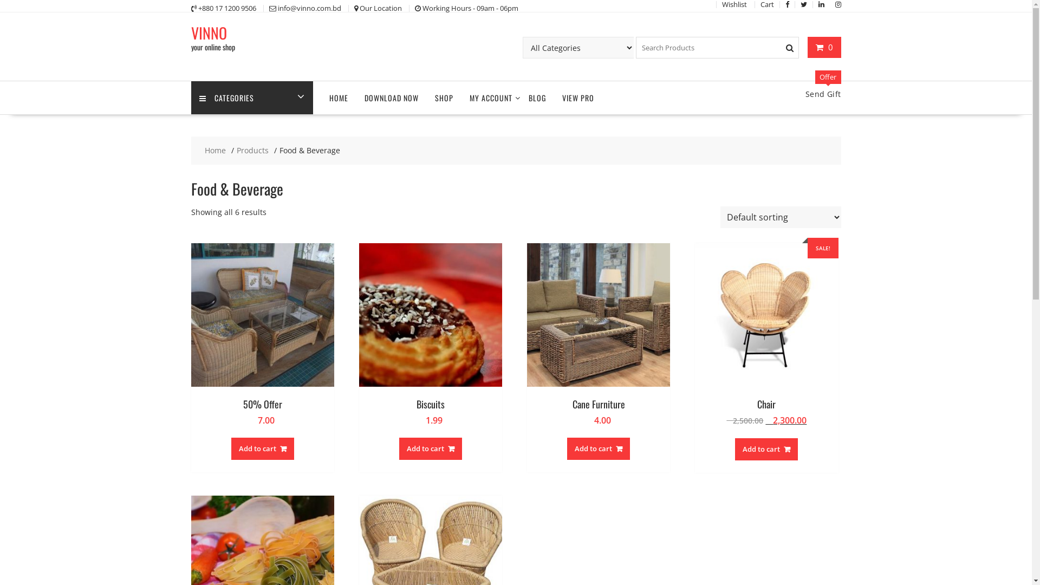  Describe the element at coordinates (380, 8) in the screenshot. I see `'Our Location'` at that location.